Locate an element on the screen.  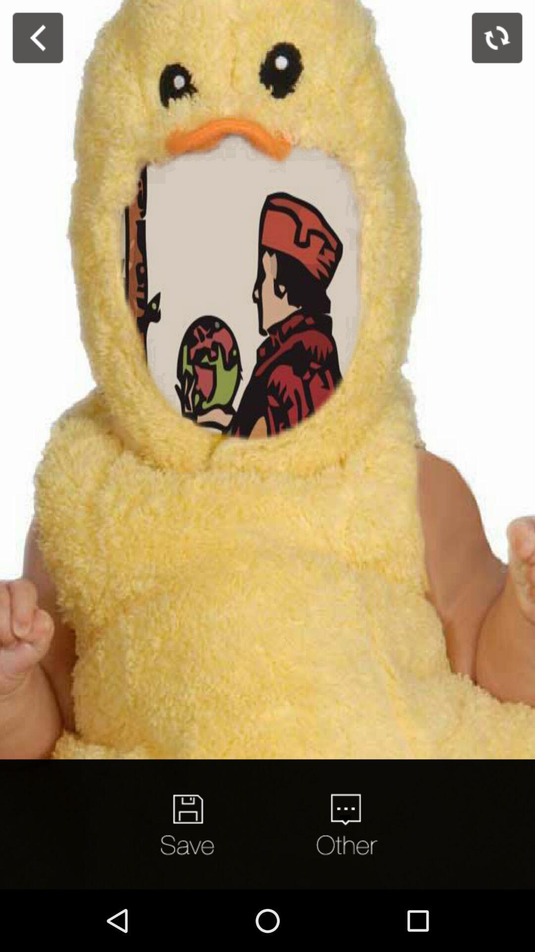
your creation is located at coordinates (189, 824).